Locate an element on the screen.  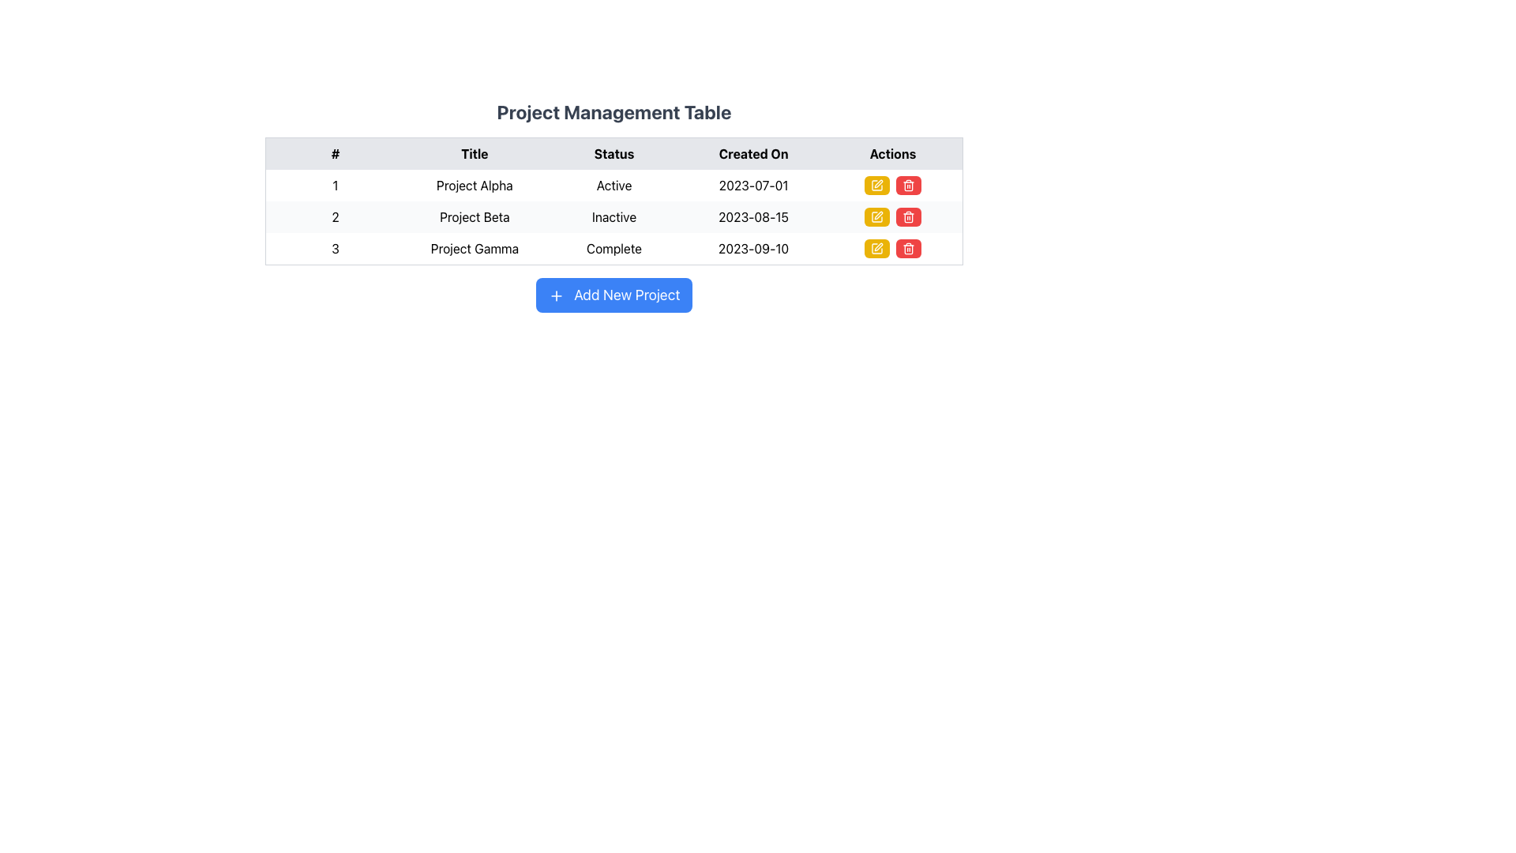
the static text element displaying '2023-09-10' which is located in the third row of the table under the 'Created On' column is located at coordinates (752, 249).